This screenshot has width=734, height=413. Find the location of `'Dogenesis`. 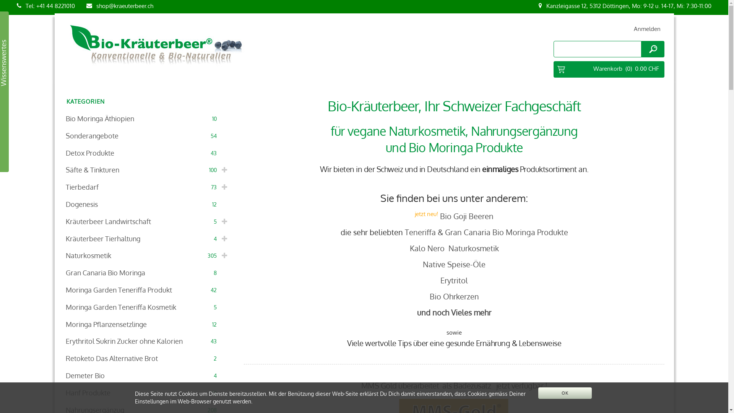

'Dogenesis is located at coordinates (148, 204).